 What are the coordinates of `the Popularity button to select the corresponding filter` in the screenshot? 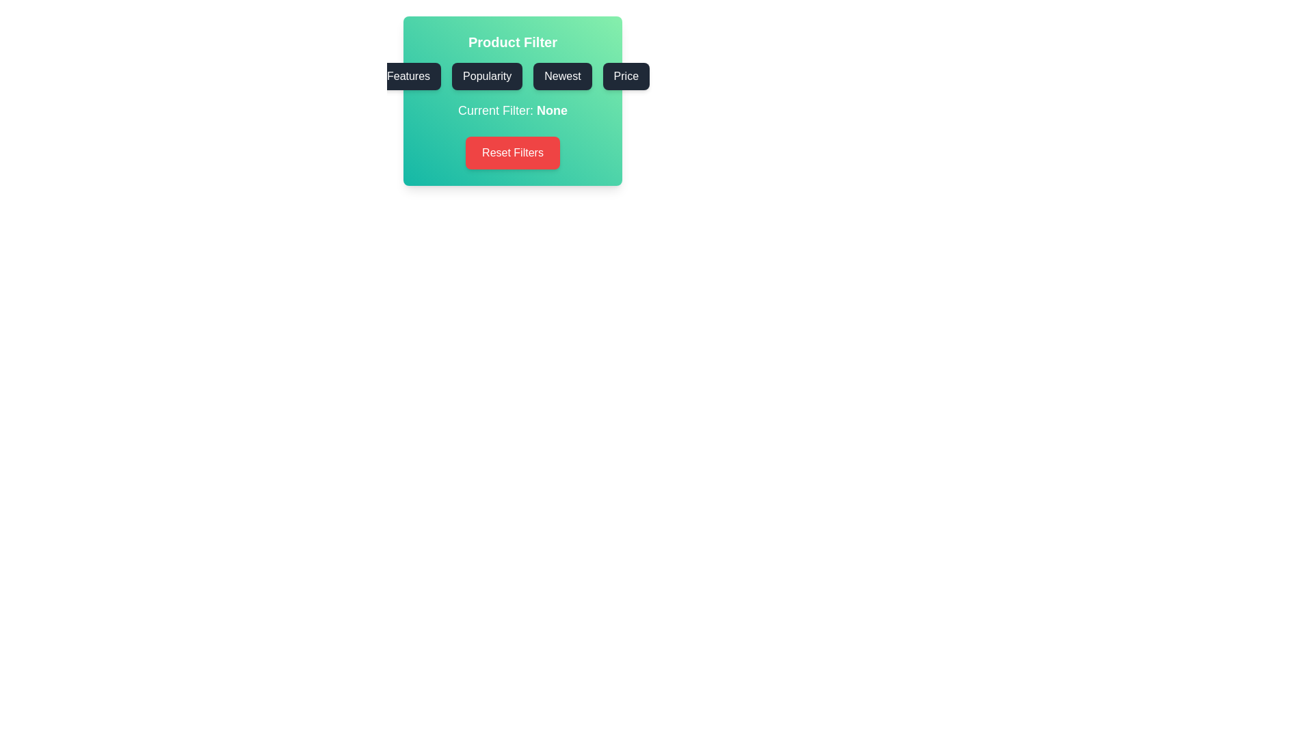 It's located at (488, 76).